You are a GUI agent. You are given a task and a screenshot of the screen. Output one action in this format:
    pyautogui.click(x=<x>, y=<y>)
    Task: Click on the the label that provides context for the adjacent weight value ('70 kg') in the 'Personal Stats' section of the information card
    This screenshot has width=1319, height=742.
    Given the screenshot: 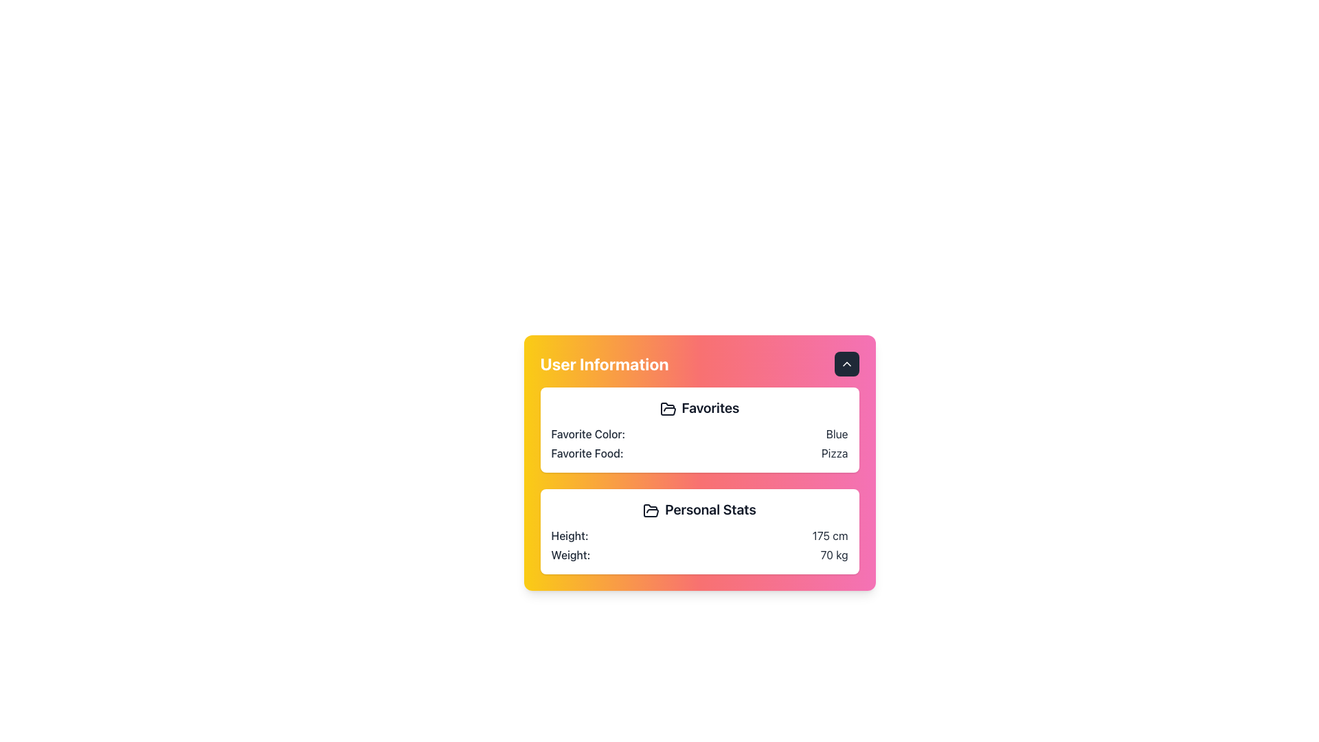 What is the action you would take?
    pyautogui.click(x=570, y=554)
    